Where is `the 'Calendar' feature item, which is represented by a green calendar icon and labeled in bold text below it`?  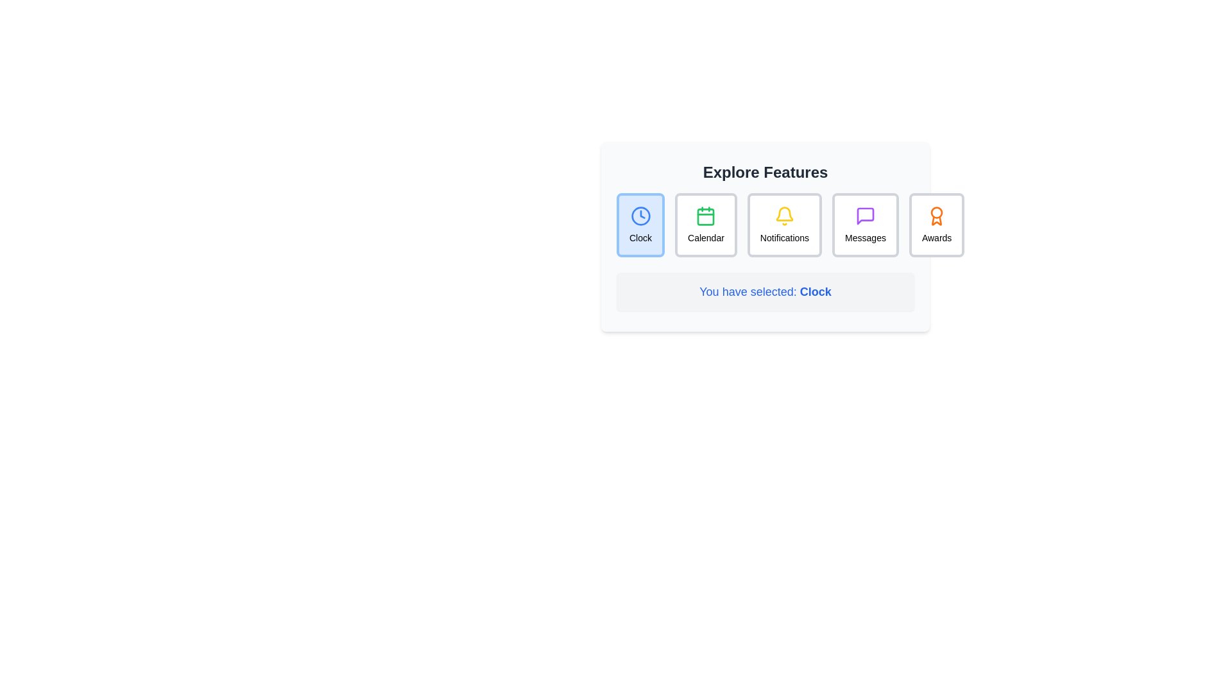 the 'Calendar' feature item, which is represented by a green calendar icon and labeled in bold text below it is located at coordinates (705, 225).